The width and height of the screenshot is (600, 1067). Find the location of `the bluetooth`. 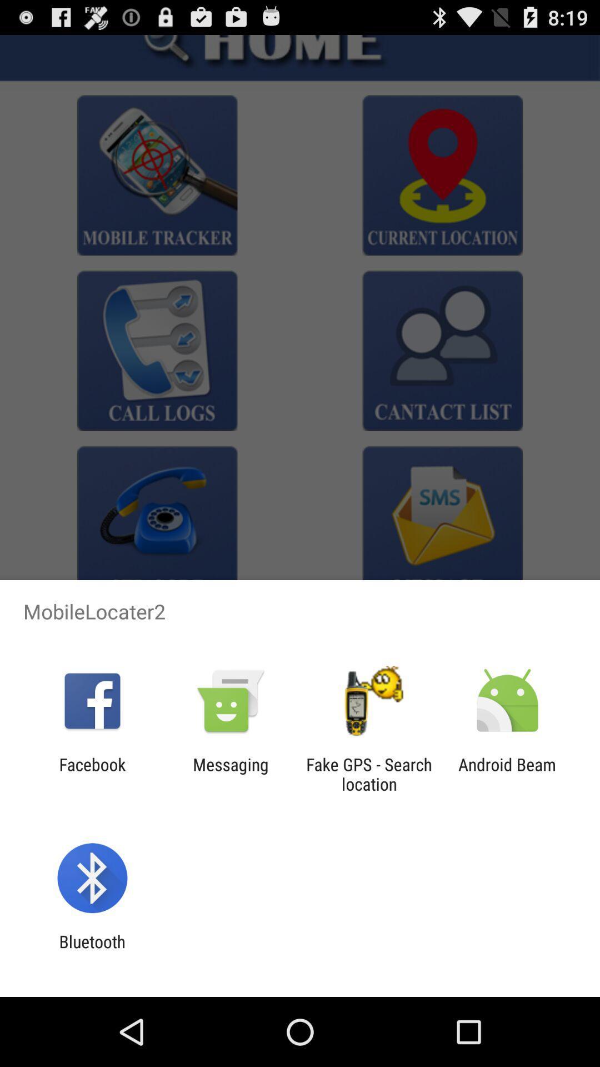

the bluetooth is located at coordinates (92, 951).